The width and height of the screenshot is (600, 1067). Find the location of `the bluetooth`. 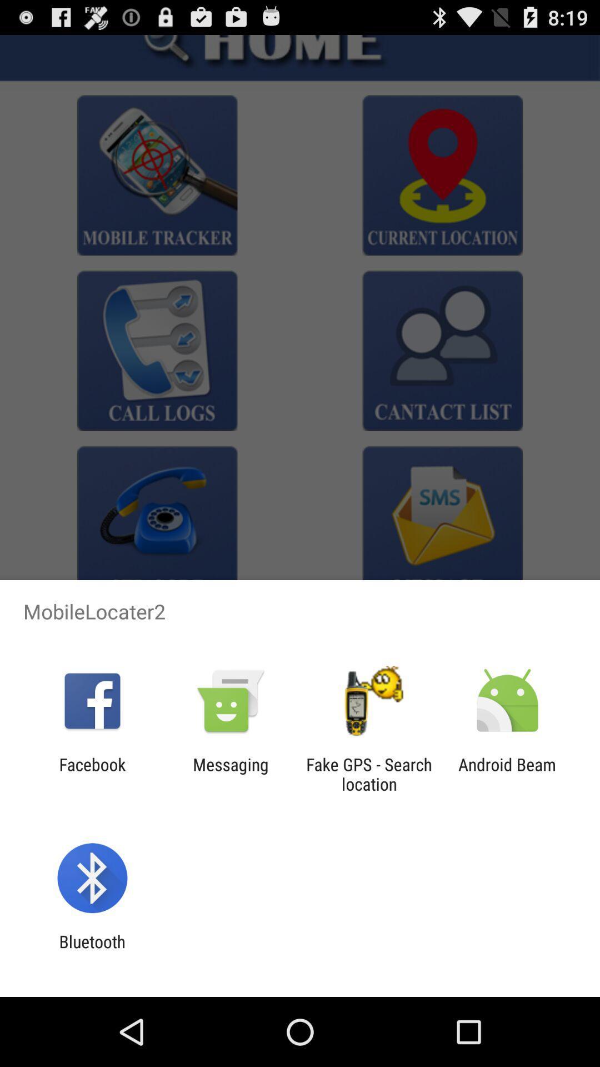

the bluetooth is located at coordinates (92, 951).